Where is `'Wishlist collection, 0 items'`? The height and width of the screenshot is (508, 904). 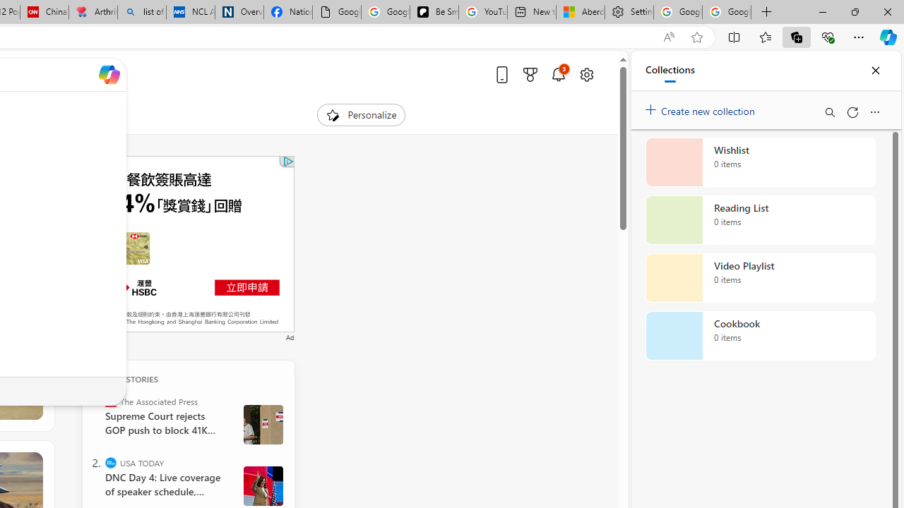
'Wishlist collection, 0 items' is located at coordinates (760, 162).